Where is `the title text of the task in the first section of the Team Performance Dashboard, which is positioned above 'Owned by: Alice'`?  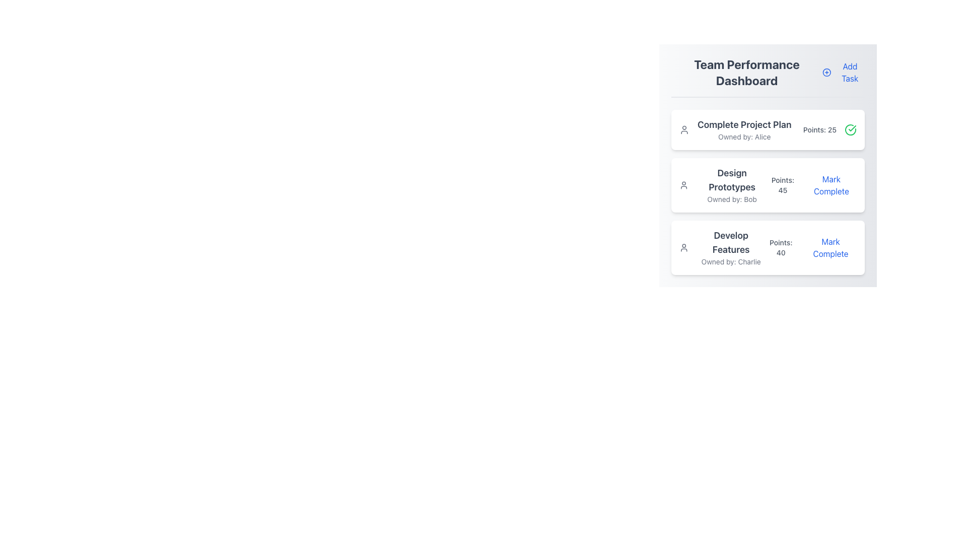 the title text of the task in the first section of the Team Performance Dashboard, which is positioned above 'Owned by: Alice' is located at coordinates (744, 124).